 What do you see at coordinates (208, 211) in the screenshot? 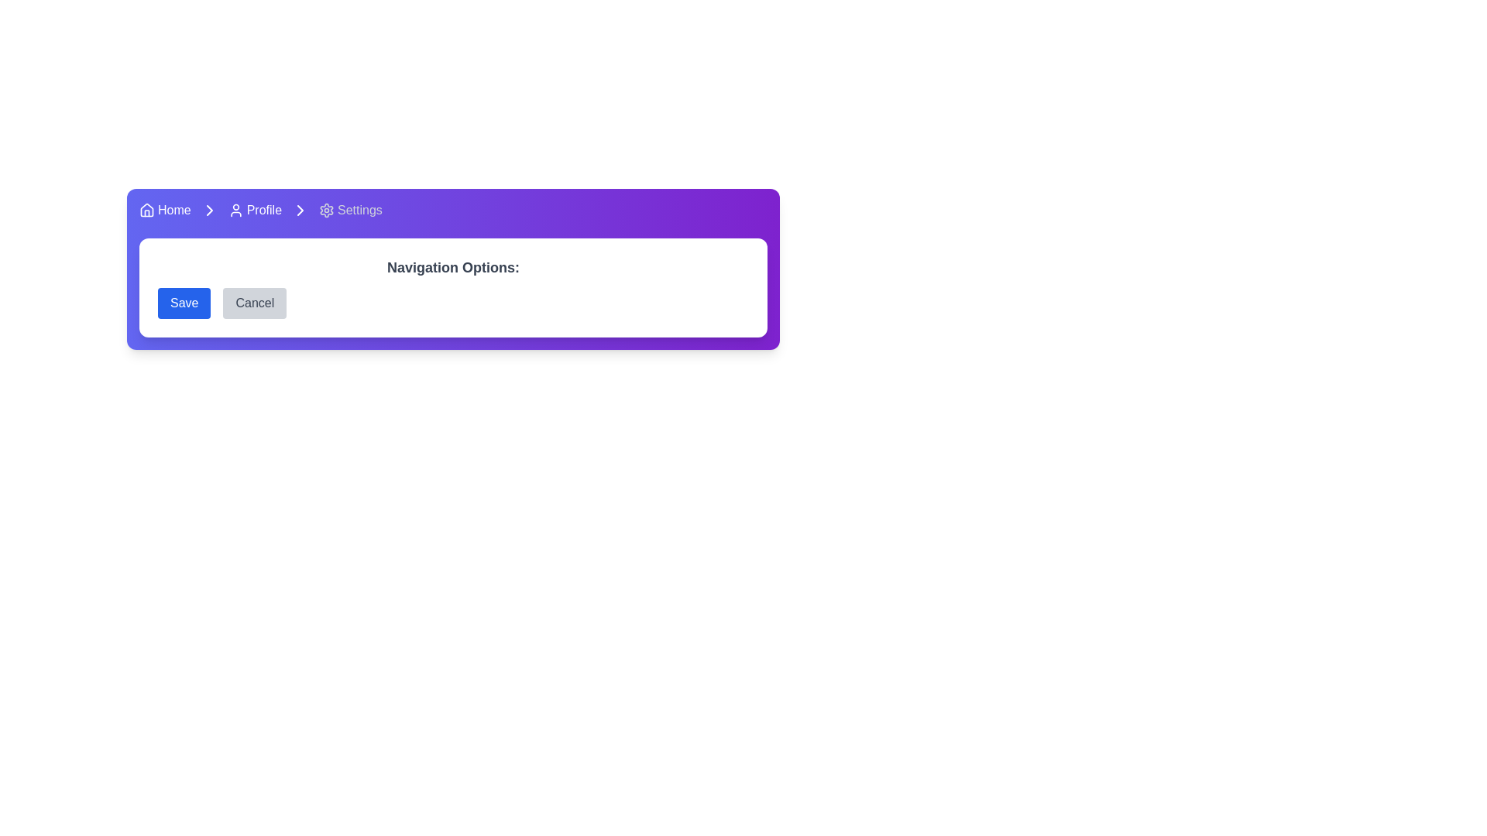
I see `the icon that serves as a separator in the breadcrumb navigation bar between 'Home' and 'Profile'` at bounding box center [208, 211].